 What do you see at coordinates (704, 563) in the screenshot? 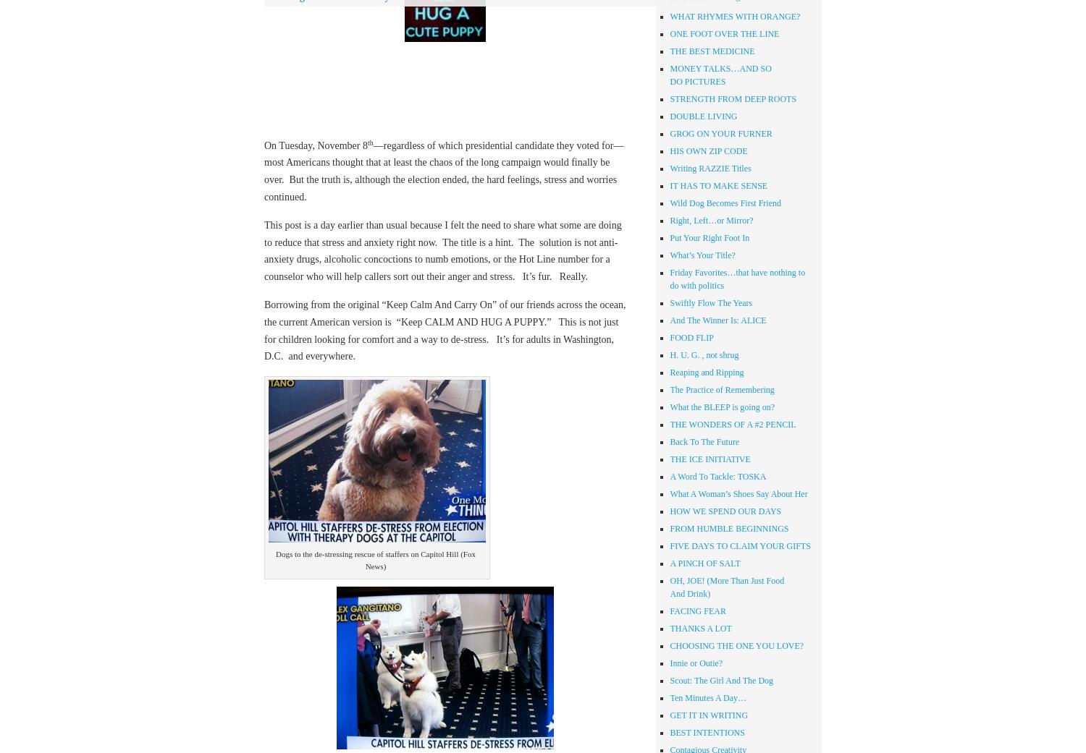
I see `'A PINCH OF SALT'` at bounding box center [704, 563].